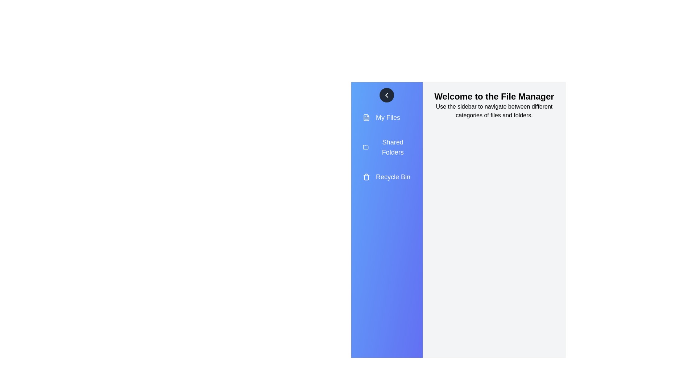  Describe the element at coordinates (386, 117) in the screenshot. I see `the 'My Files' menu item in the sidebar` at that location.